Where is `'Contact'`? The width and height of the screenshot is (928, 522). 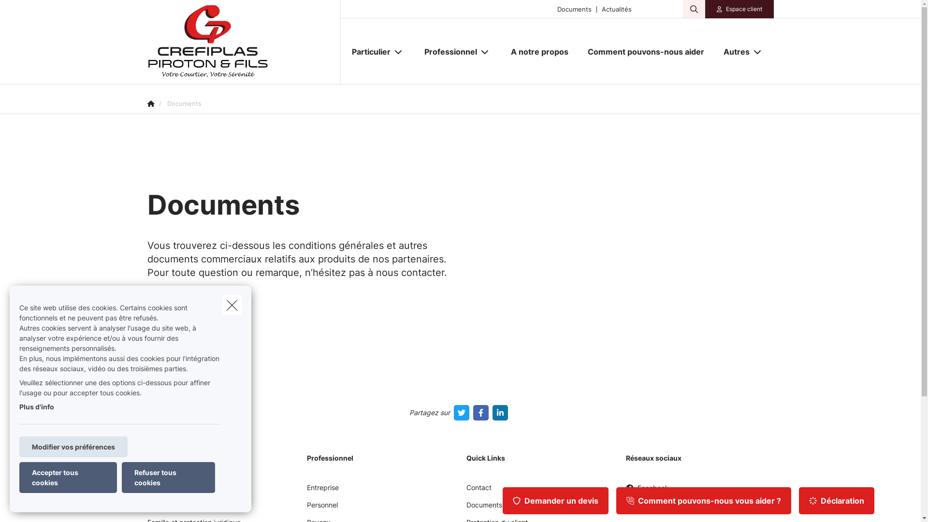
'Contact' is located at coordinates (478, 491).